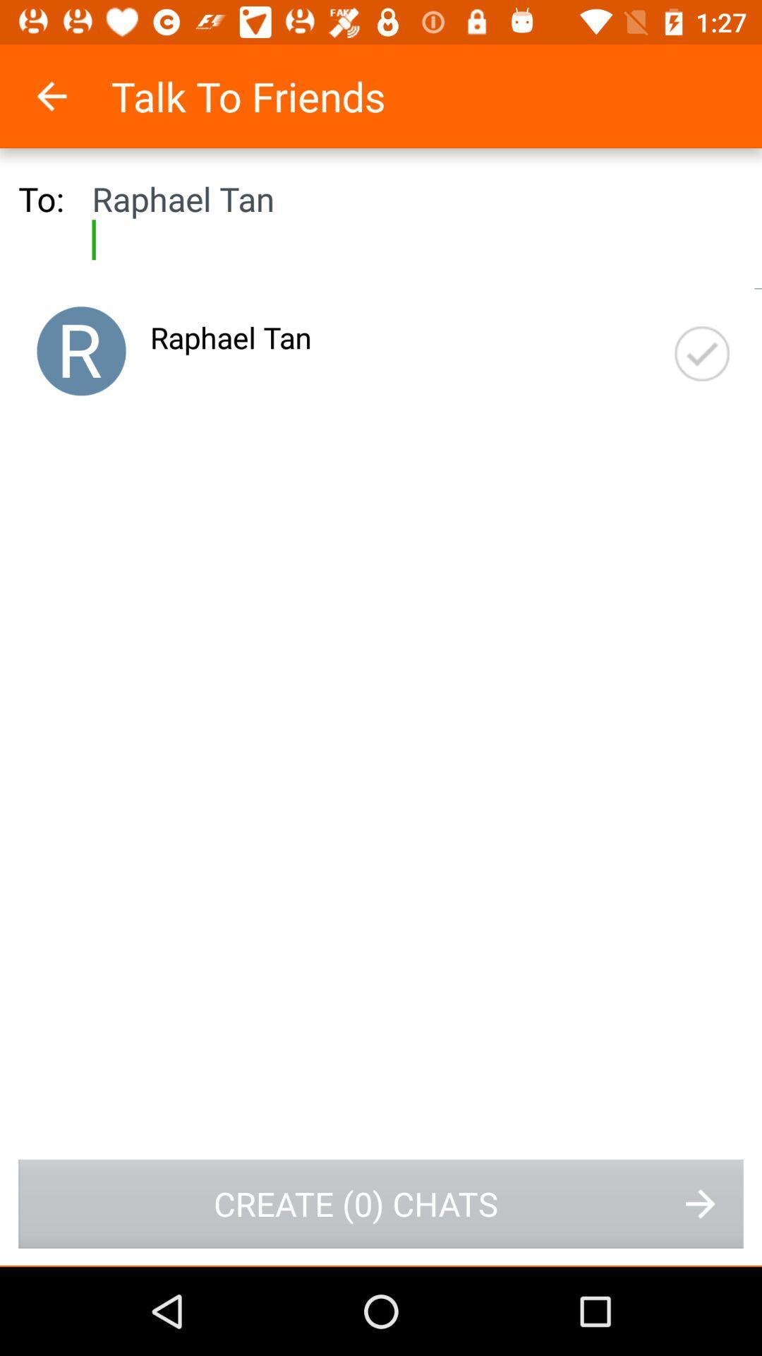 The image size is (762, 1356). Describe the element at coordinates (81, 351) in the screenshot. I see `user avatar` at that location.